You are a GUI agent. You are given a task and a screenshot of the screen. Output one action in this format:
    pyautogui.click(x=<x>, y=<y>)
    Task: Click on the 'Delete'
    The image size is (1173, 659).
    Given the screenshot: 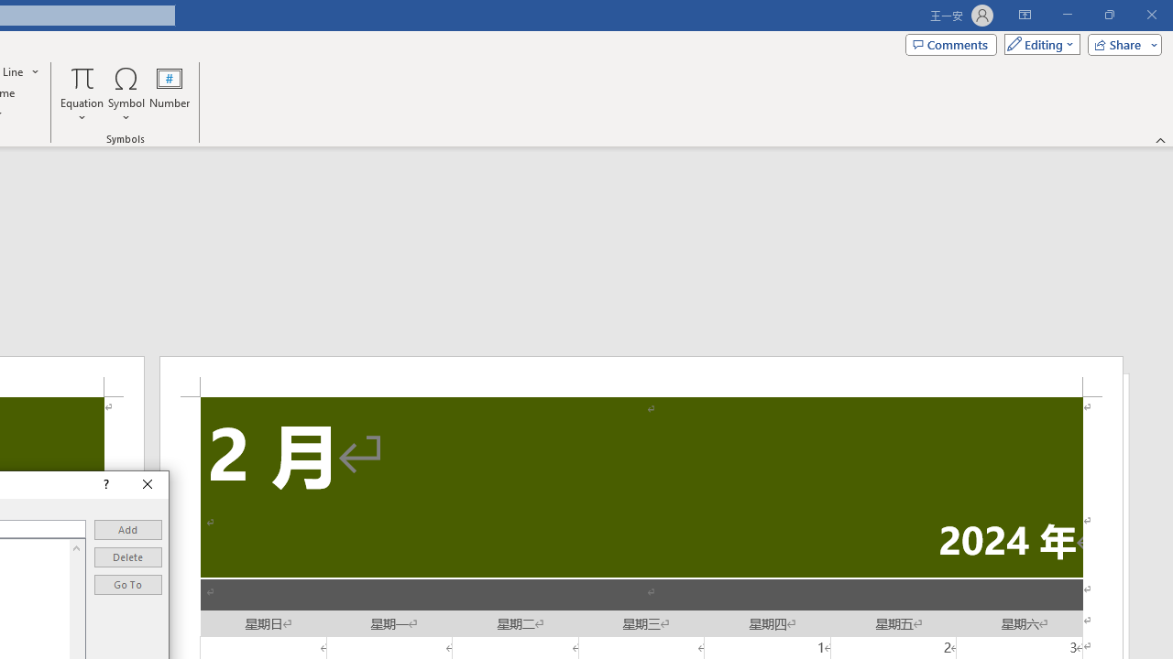 What is the action you would take?
    pyautogui.click(x=127, y=556)
    